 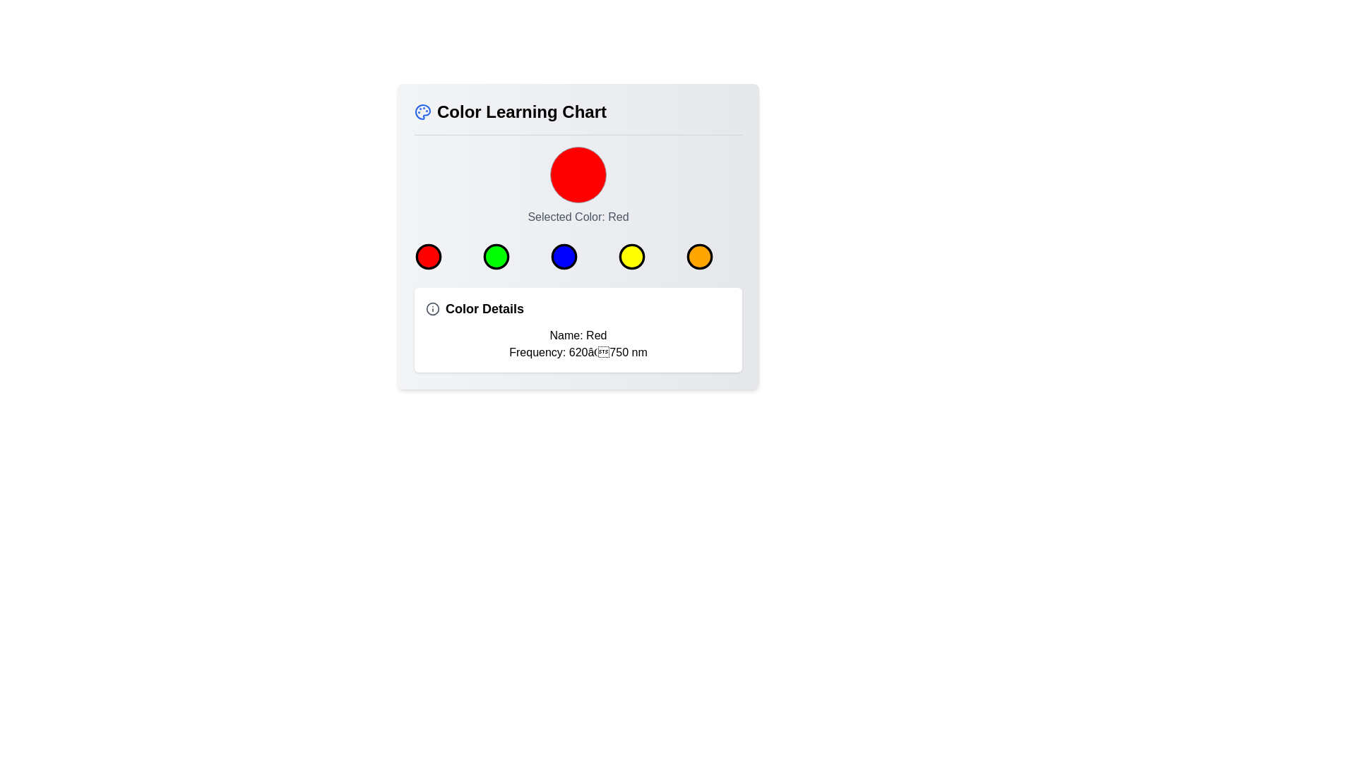 I want to click on the green color indicator button, so click(x=496, y=256).